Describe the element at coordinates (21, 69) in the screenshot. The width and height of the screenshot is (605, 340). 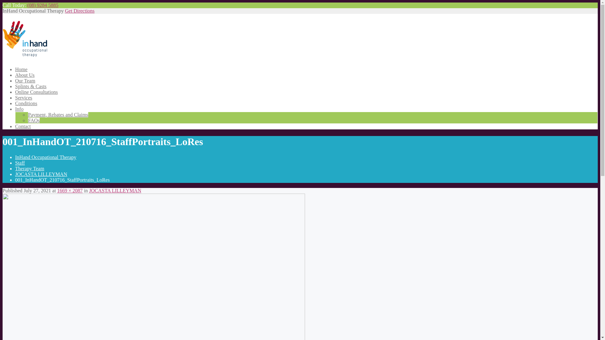
I see `'Home'` at that location.